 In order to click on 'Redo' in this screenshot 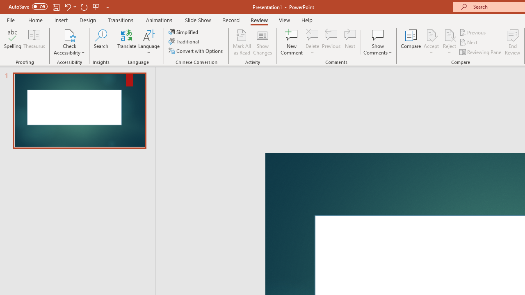, I will do `click(84, 7)`.